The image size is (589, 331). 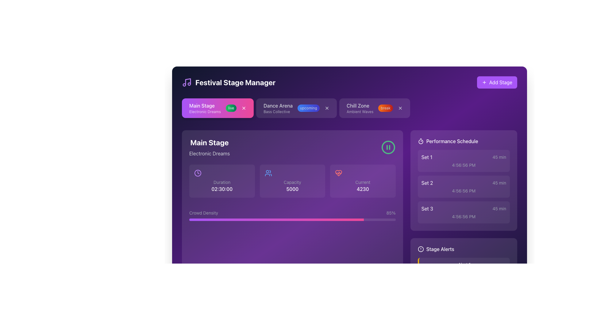 I want to click on the Badged Label indicating 'break' in the Chill Zone section, positioned next to 'Ambient Waves' and to the left of the close icon, so click(x=385, y=108).